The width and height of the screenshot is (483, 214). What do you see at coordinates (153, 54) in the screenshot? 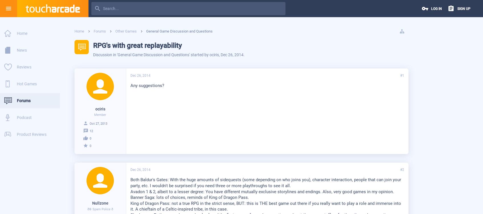
I see `'General Game Discussion and Questions'` at bounding box center [153, 54].